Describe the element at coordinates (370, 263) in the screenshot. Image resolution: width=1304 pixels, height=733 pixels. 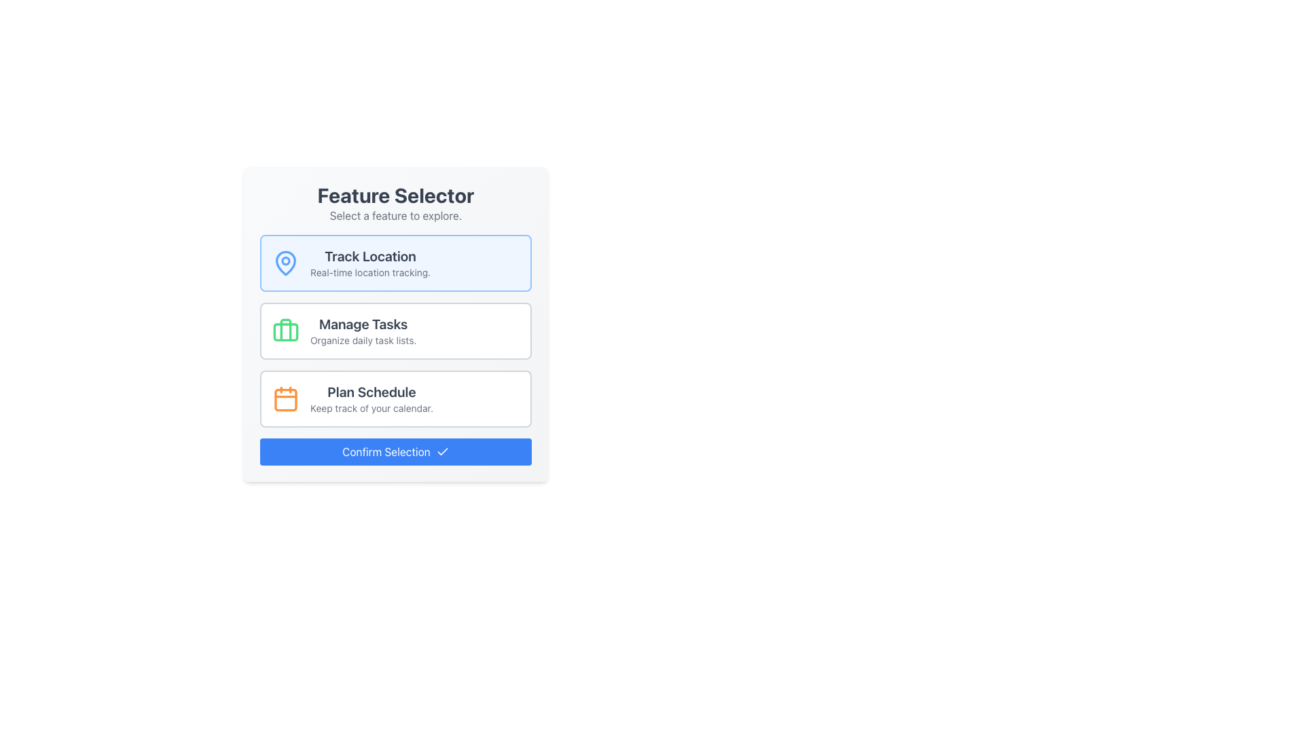
I see `information provided by the Informative Label with Title and Subtitle, which is the first selectable option under the 'Feature Selector' header` at that location.